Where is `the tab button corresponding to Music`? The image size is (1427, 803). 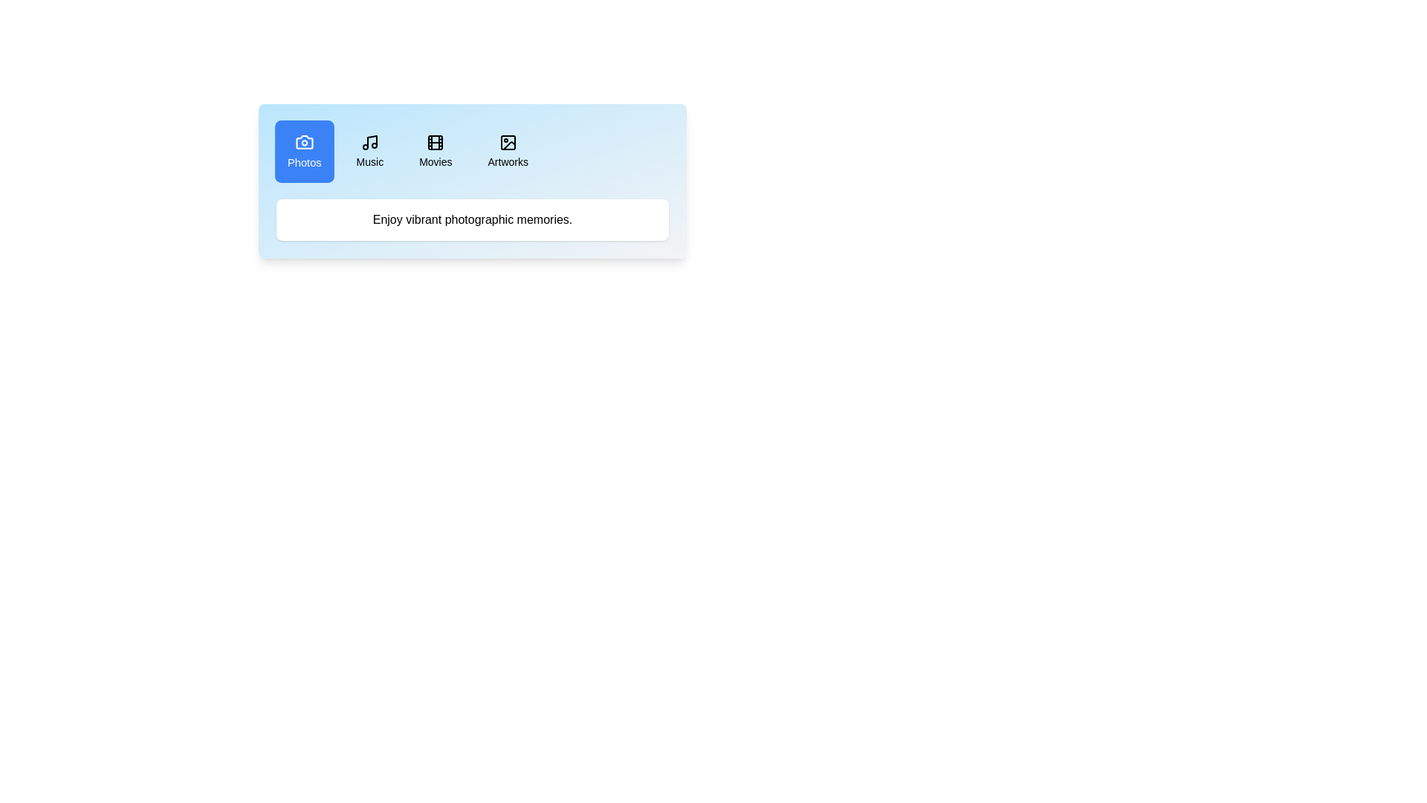
the tab button corresponding to Music is located at coordinates (369, 152).